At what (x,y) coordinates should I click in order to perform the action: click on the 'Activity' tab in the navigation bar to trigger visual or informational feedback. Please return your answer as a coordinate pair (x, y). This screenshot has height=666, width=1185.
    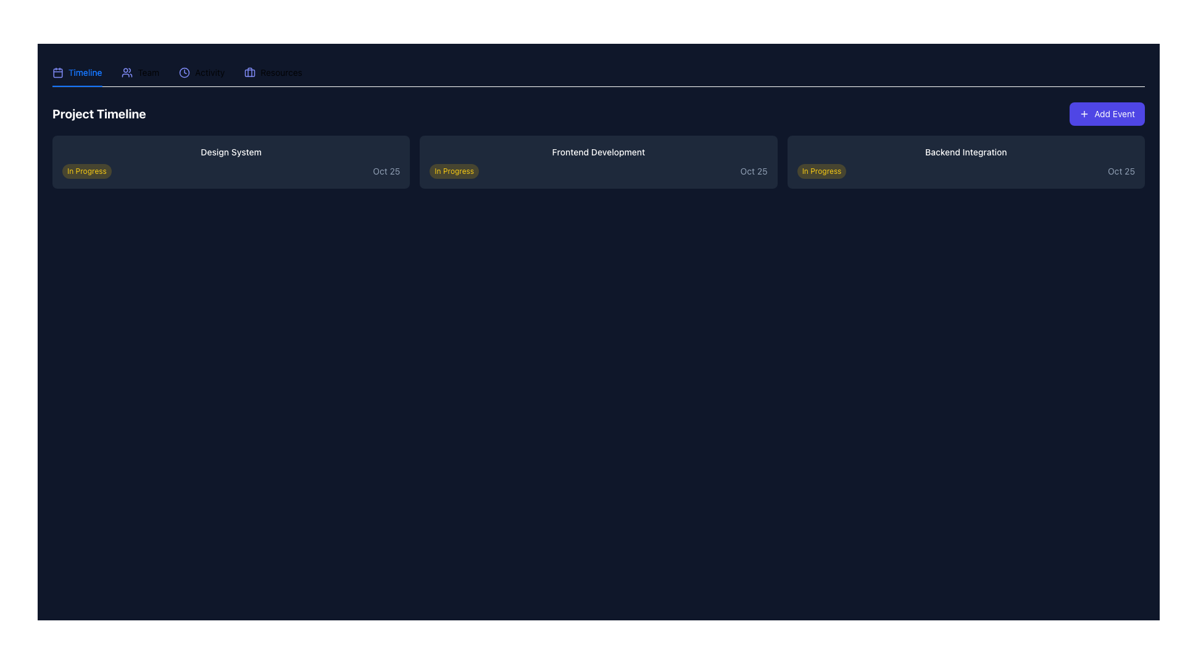
    Looking at the image, I should click on (202, 73).